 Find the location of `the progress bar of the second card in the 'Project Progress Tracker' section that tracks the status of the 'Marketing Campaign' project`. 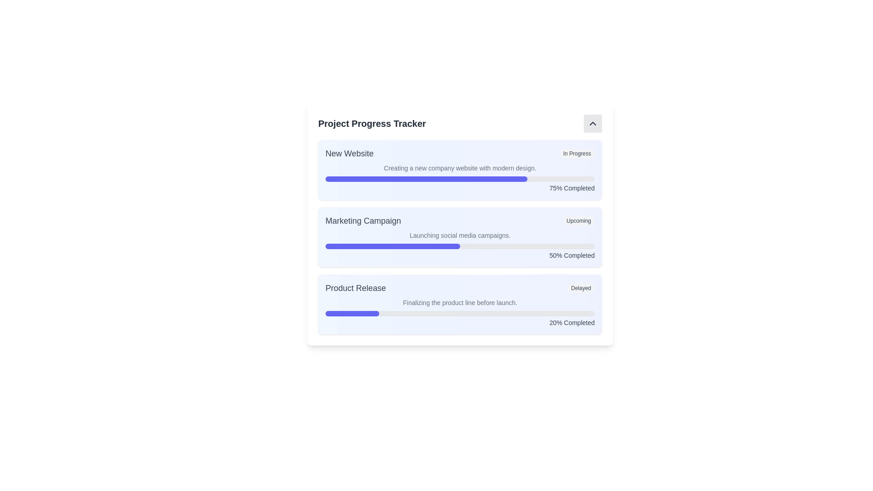

the progress bar of the second card in the 'Project Progress Tracker' section that tracks the status of the 'Marketing Campaign' project is located at coordinates (460, 236).